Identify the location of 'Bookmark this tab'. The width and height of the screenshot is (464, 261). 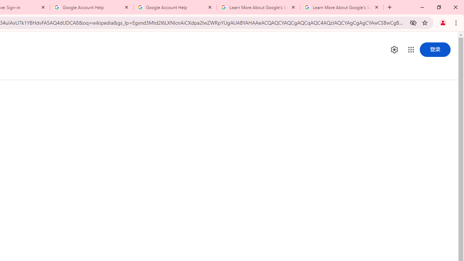
(424, 22).